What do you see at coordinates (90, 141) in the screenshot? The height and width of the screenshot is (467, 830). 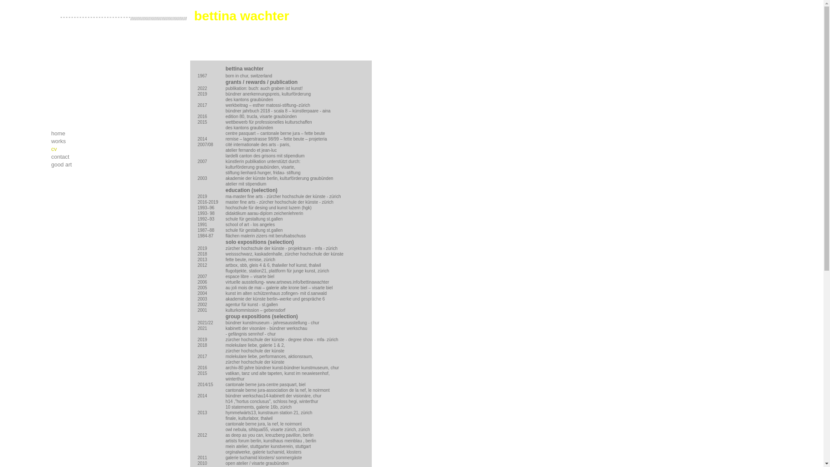 I see `'works'` at bounding box center [90, 141].